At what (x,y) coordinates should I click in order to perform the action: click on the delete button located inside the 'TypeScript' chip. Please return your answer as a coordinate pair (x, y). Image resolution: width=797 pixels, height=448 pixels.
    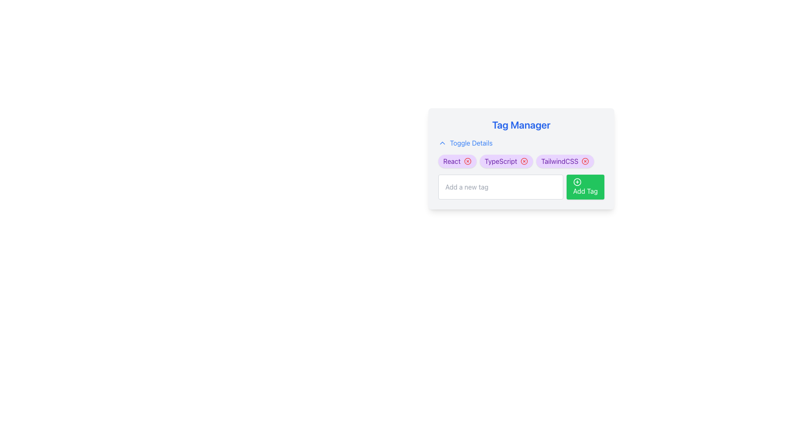
    Looking at the image, I should click on (523, 161).